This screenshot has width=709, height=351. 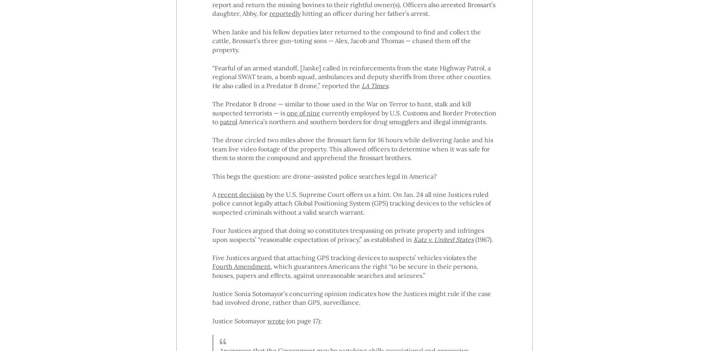 What do you see at coordinates (351, 76) in the screenshot?
I see `'“Fearful of an armed standoff, [Janke] called in reinforcements from the state Highway Patrol, a regional SWAT team, a bomb squad, ambulances and deputy sheriffs from three other counties. He also called in a Predator B drone,” reported the'` at bounding box center [351, 76].